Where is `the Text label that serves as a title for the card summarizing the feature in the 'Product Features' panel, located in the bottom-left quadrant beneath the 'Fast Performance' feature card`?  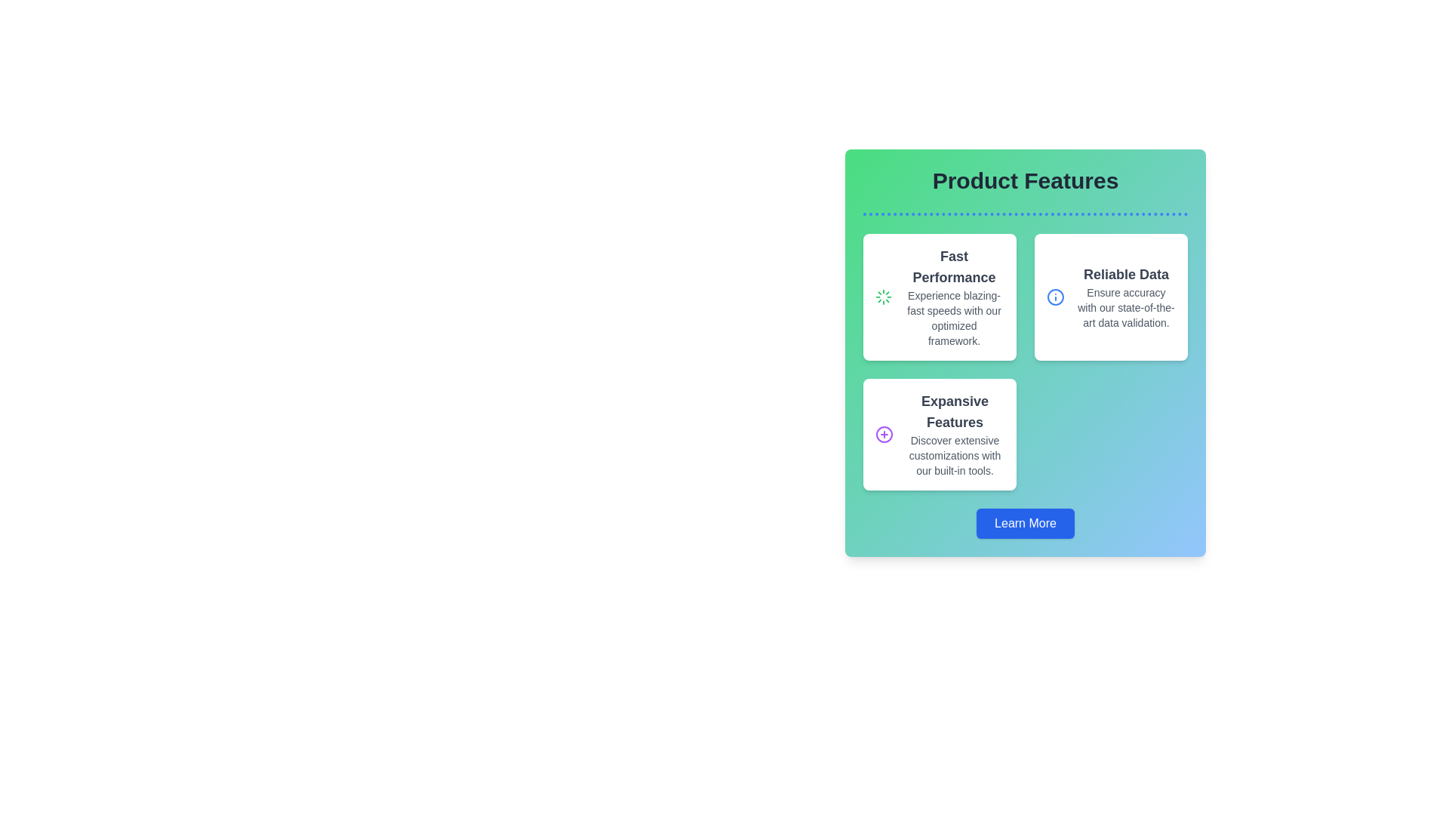 the Text label that serves as a title for the card summarizing the feature in the 'Product Features' panel, located in the bottom-left quadrant beneath the 'Fast Performance' feature card is located at coordinates (954, 412).